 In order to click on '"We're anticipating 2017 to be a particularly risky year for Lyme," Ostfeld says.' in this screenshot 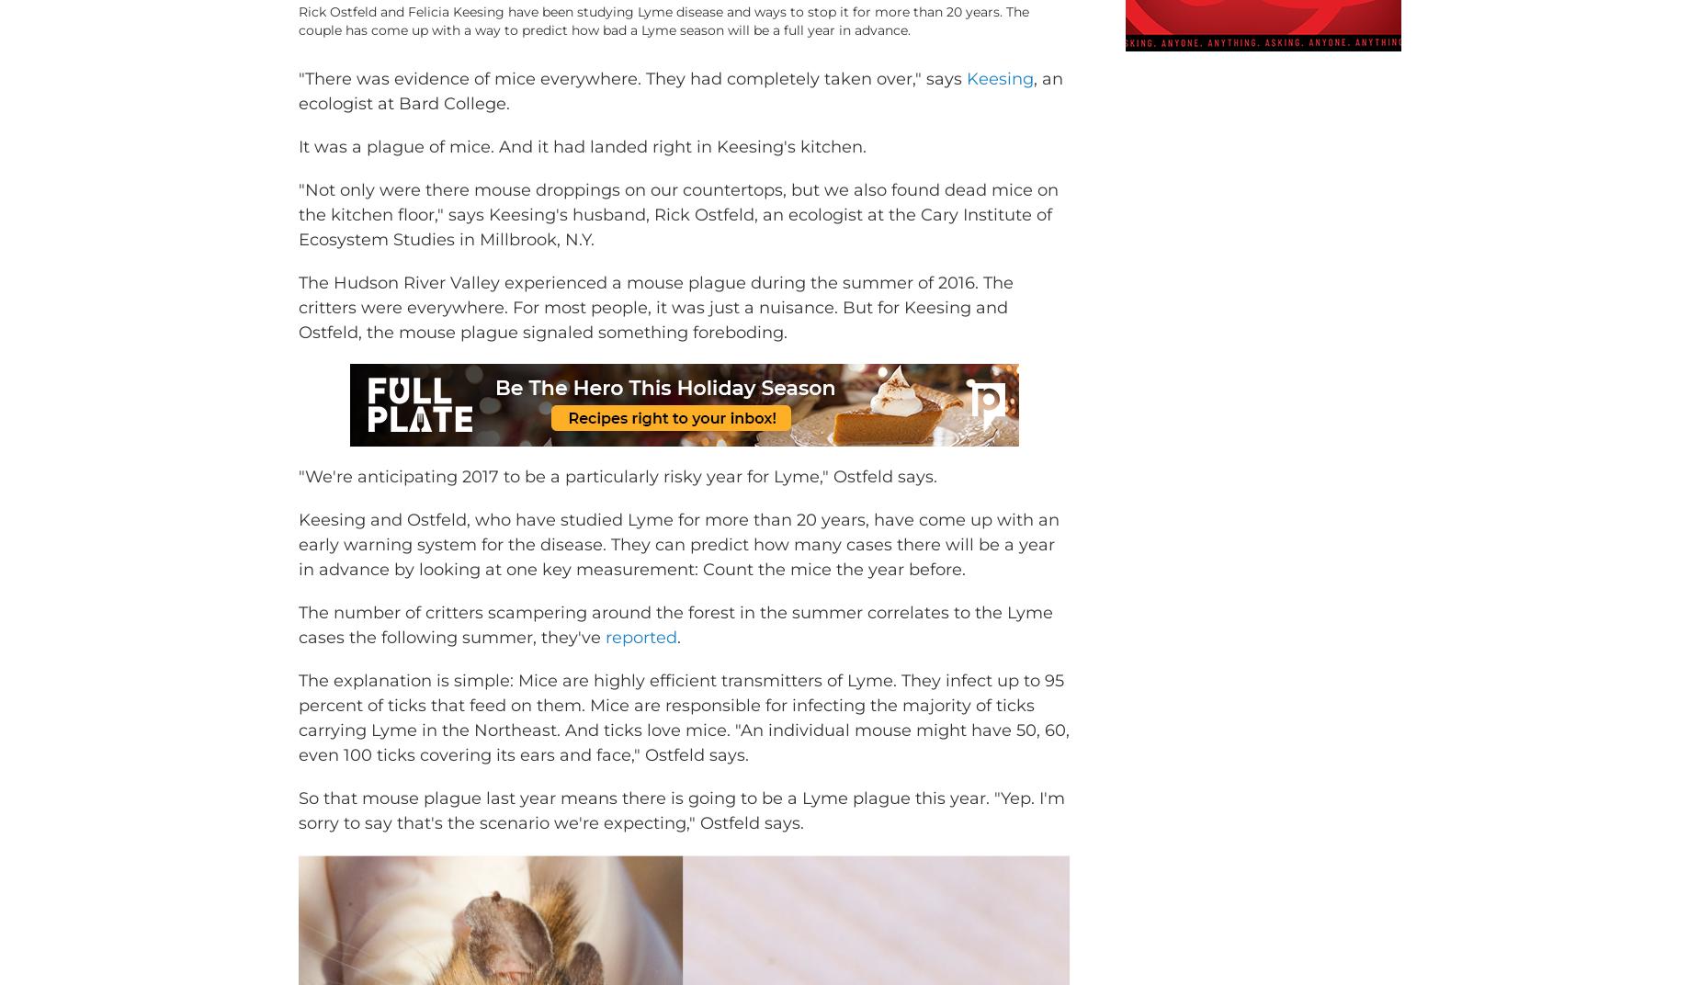, I will do `click(618, 503)`.